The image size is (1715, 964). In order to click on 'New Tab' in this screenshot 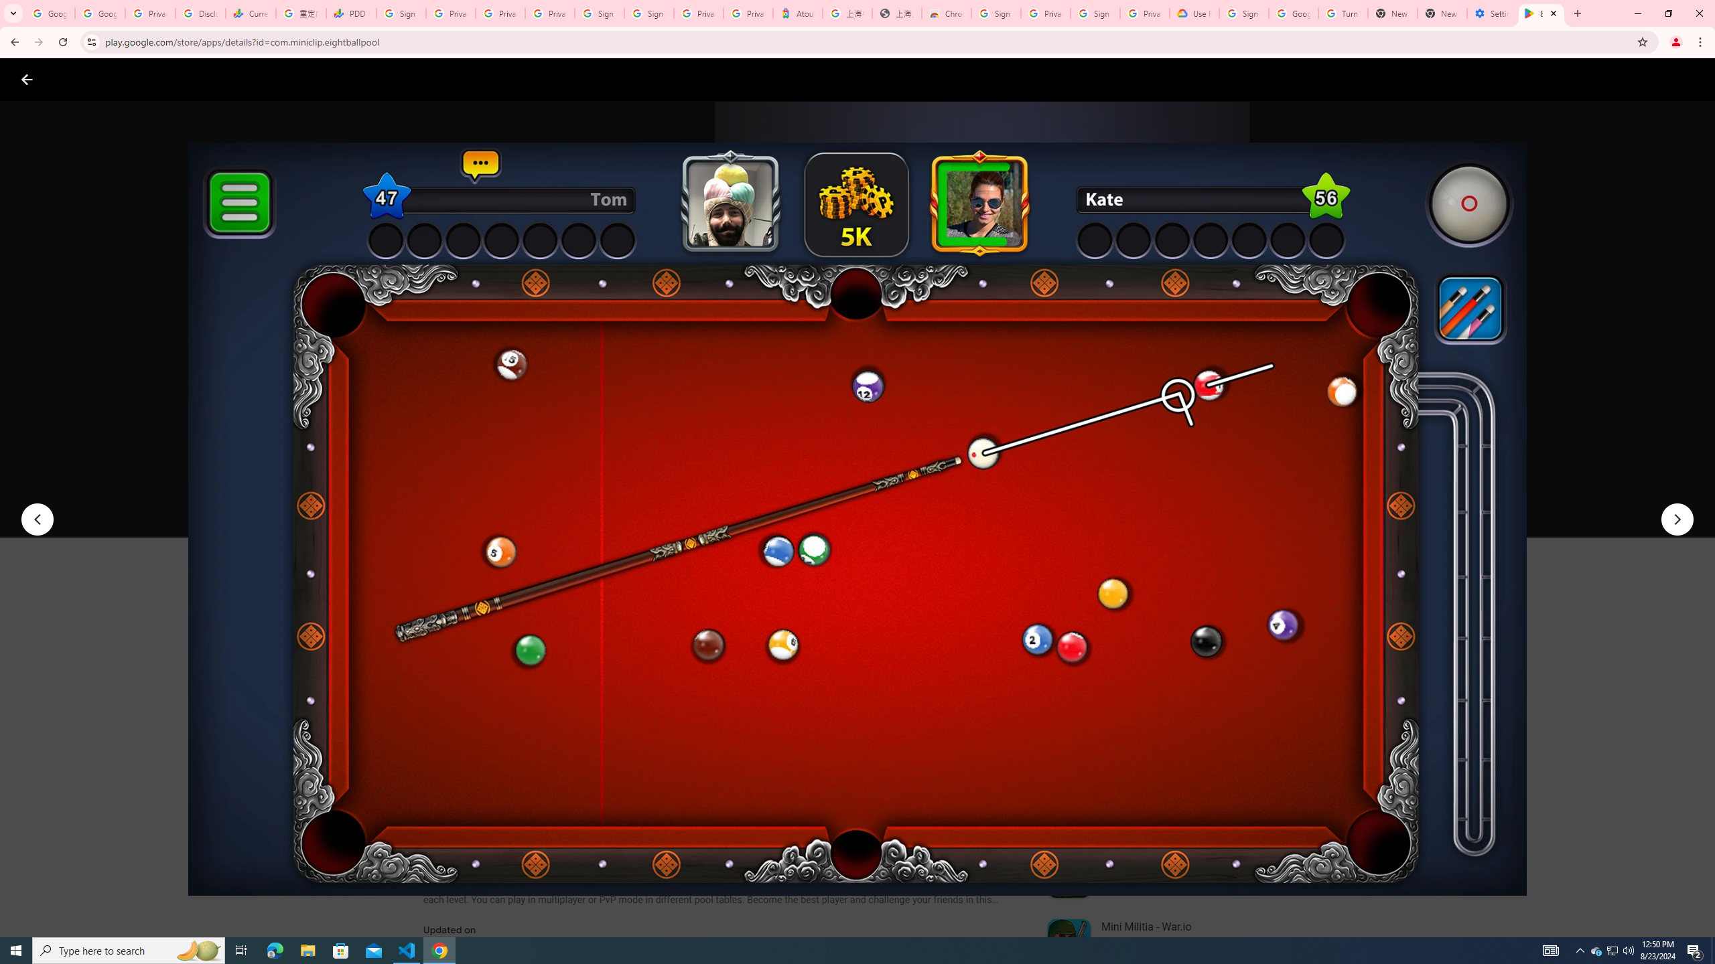, I will do `click(1442, 13)`.